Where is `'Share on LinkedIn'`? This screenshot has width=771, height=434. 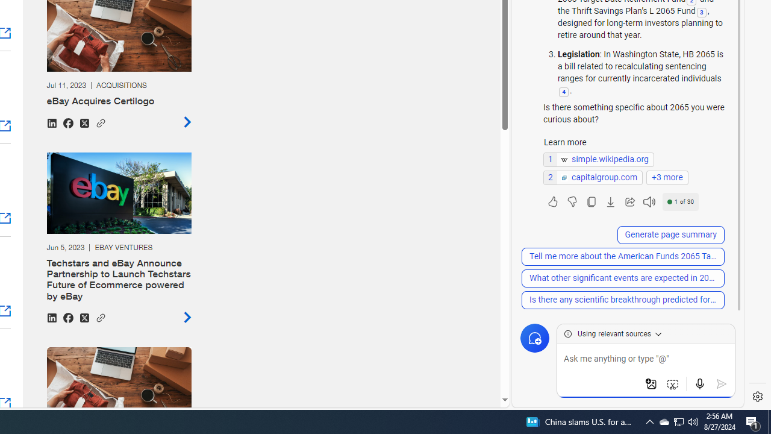 'Share on LinkedIn' is located at coordinates (51, 316).